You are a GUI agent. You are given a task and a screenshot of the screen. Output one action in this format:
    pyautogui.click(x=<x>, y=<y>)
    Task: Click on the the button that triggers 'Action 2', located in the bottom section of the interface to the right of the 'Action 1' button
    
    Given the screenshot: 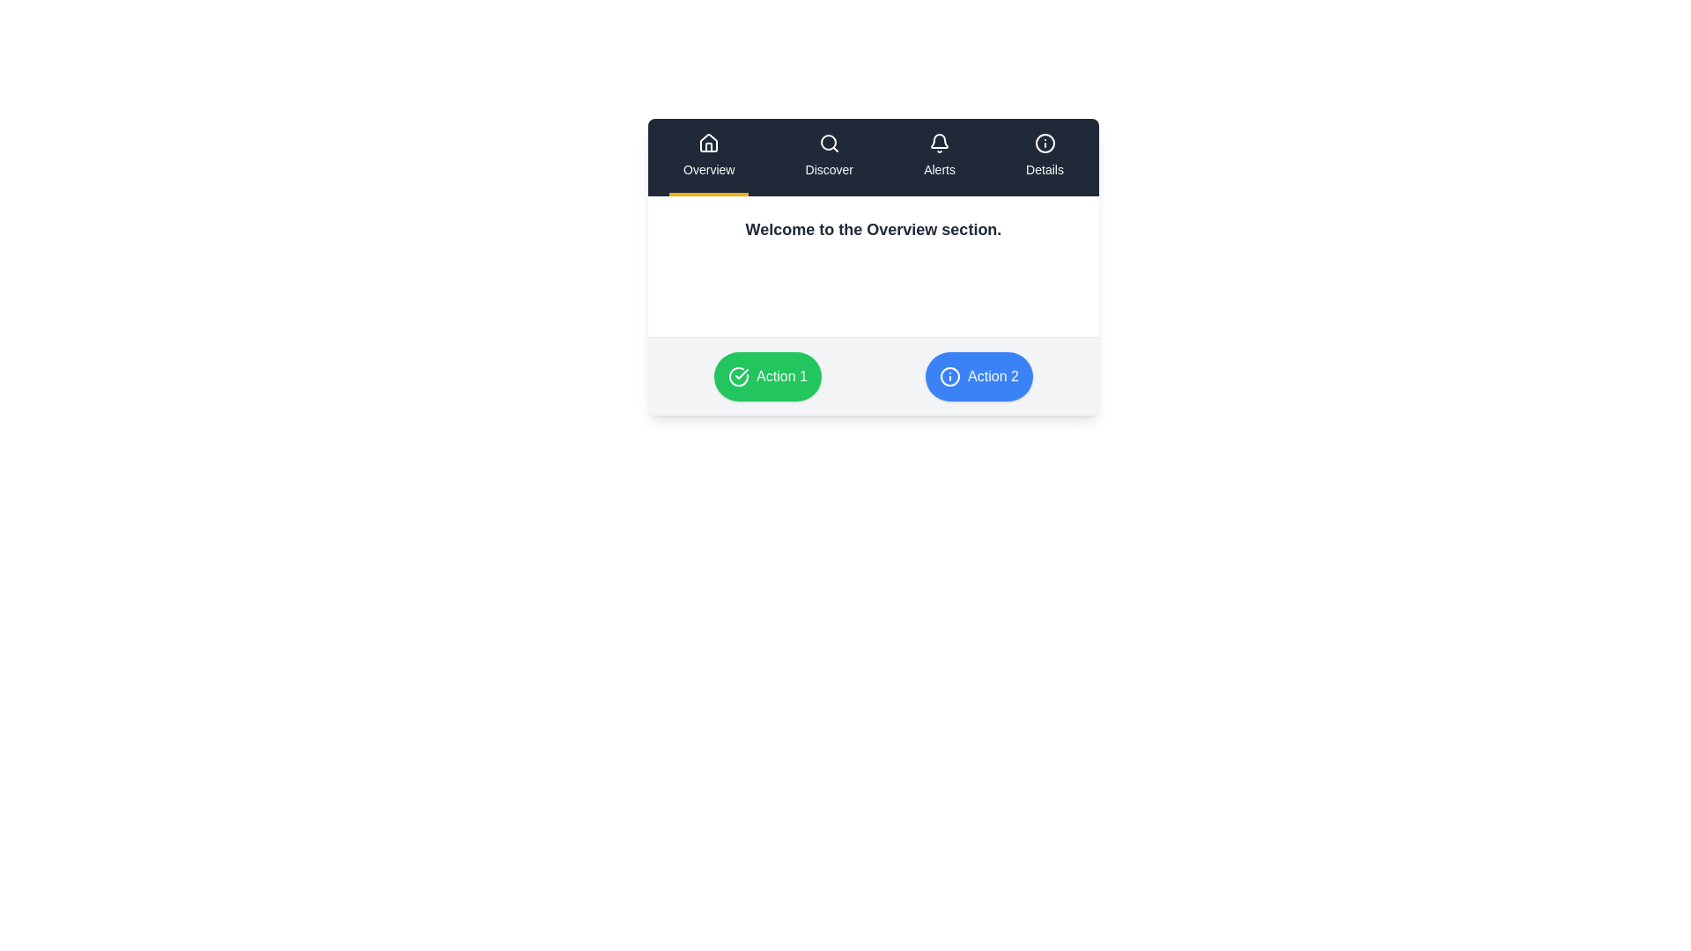 What is the action you would take?
    pyautogui.click(x=978, y=376)
    